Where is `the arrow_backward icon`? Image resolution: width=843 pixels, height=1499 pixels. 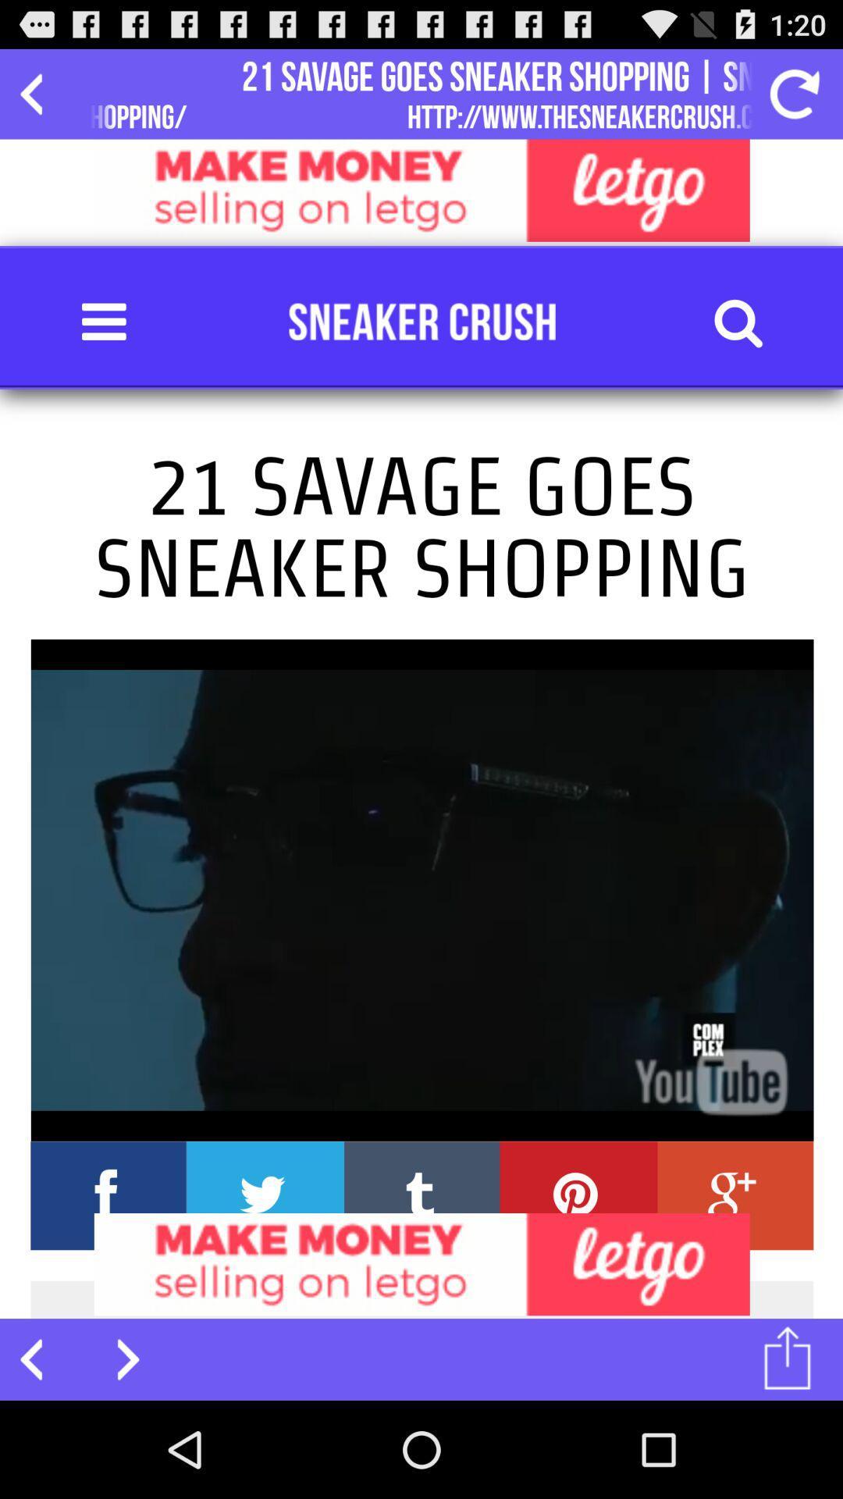 the arrow_backward icon is located at coordinates (40, 1454).